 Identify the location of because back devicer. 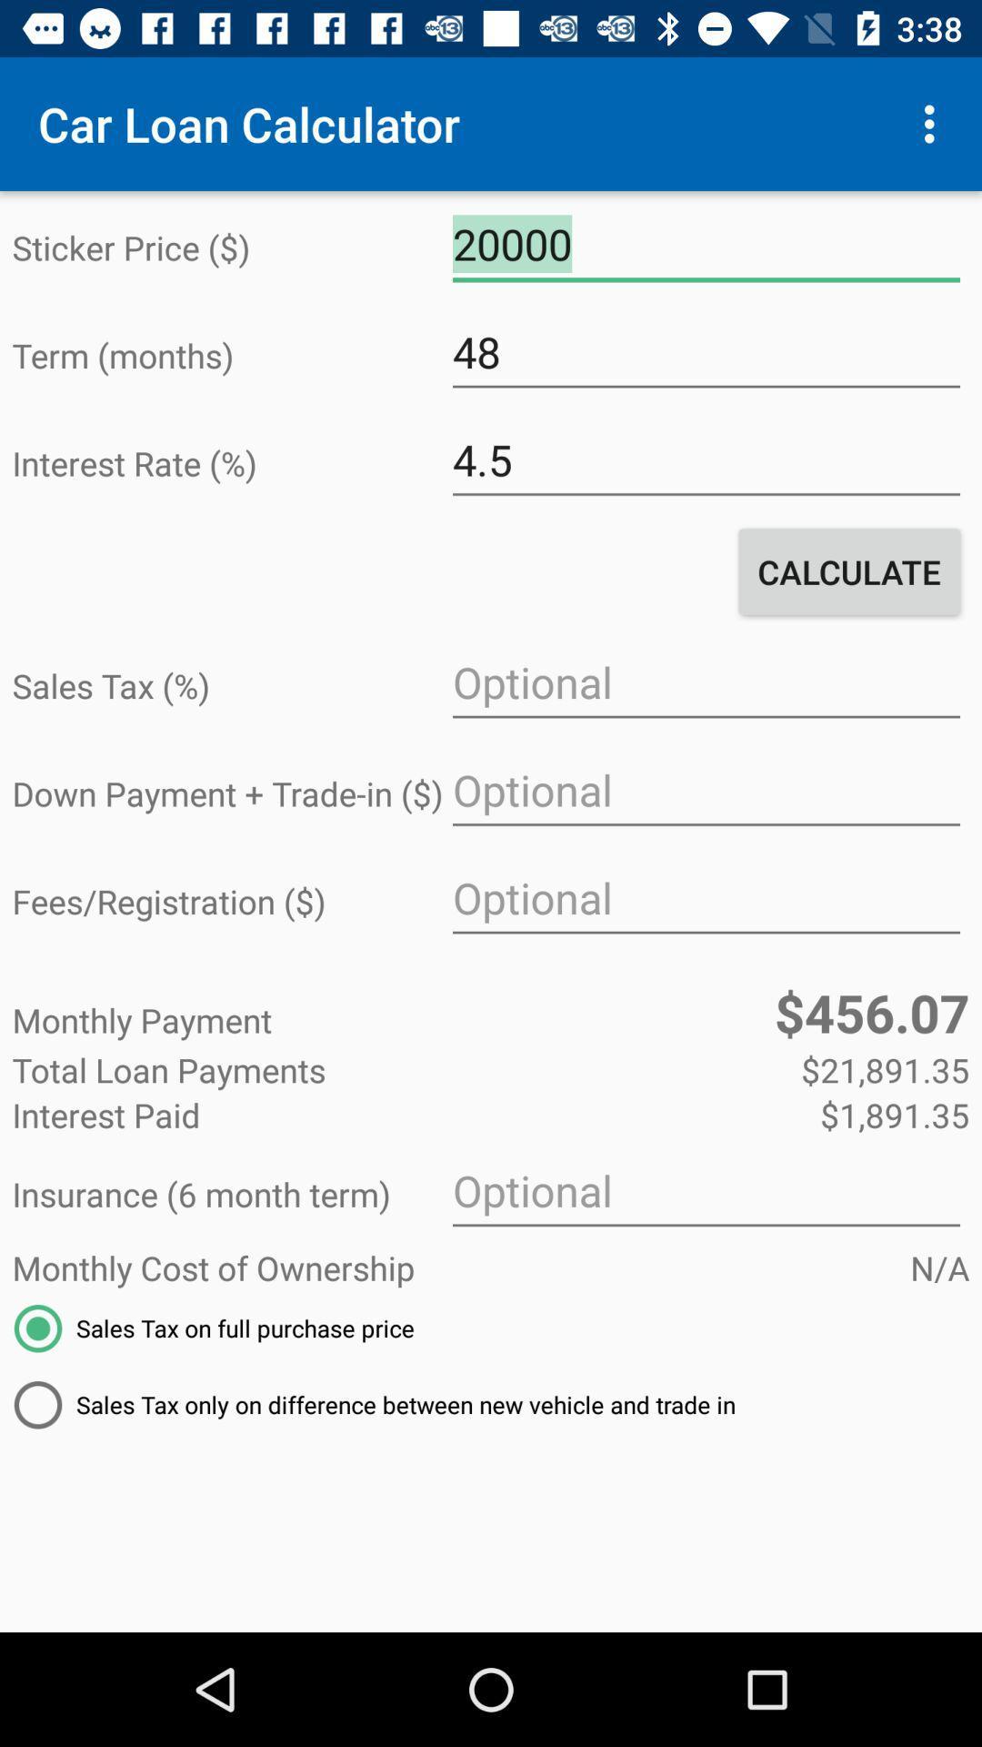
(705, 898).